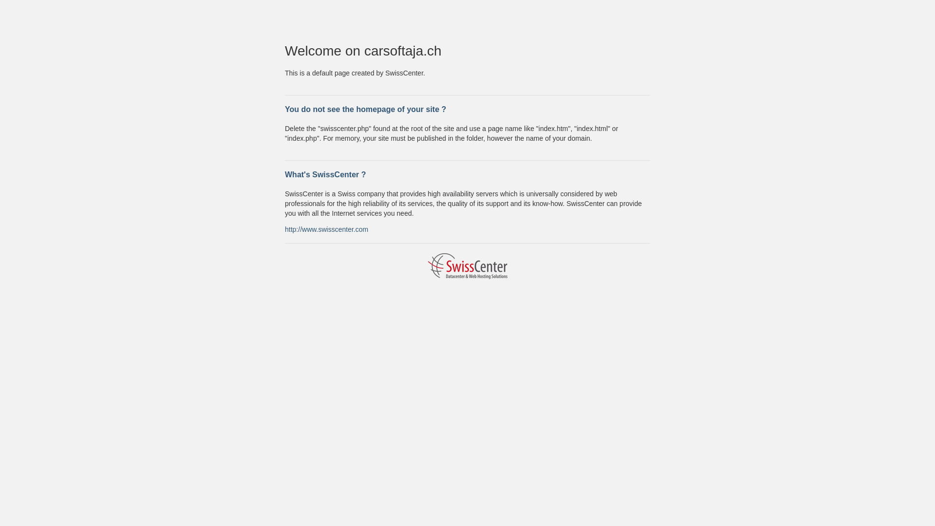 The width and height of the screenshot is (935, 526). Describe the element at coordinates (326, 229) in the screenshot. I see `'http://www.swisscenter.com'` at that location.